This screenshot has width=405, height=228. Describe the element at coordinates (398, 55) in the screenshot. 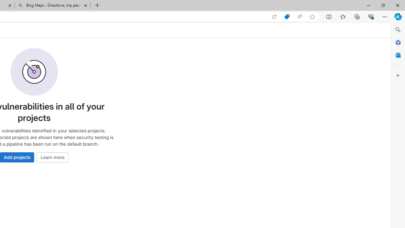

I see `'Outlook'` at that location.